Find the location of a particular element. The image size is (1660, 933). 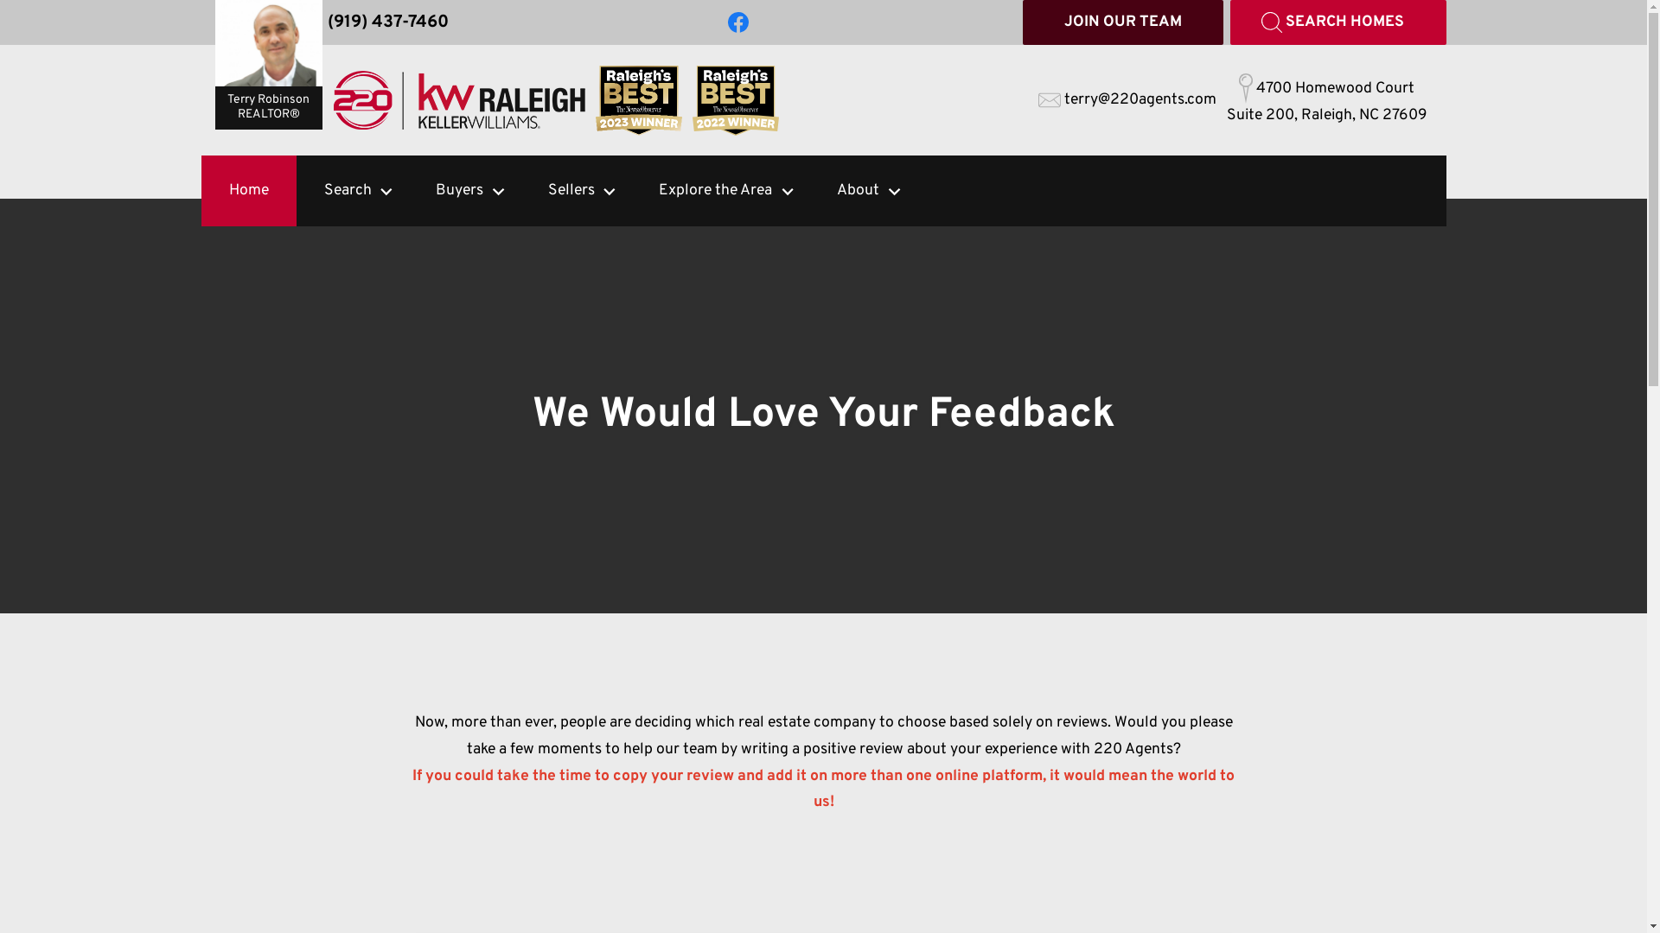

'SEARCH HOMES' is located at coordinates (1336, 22).